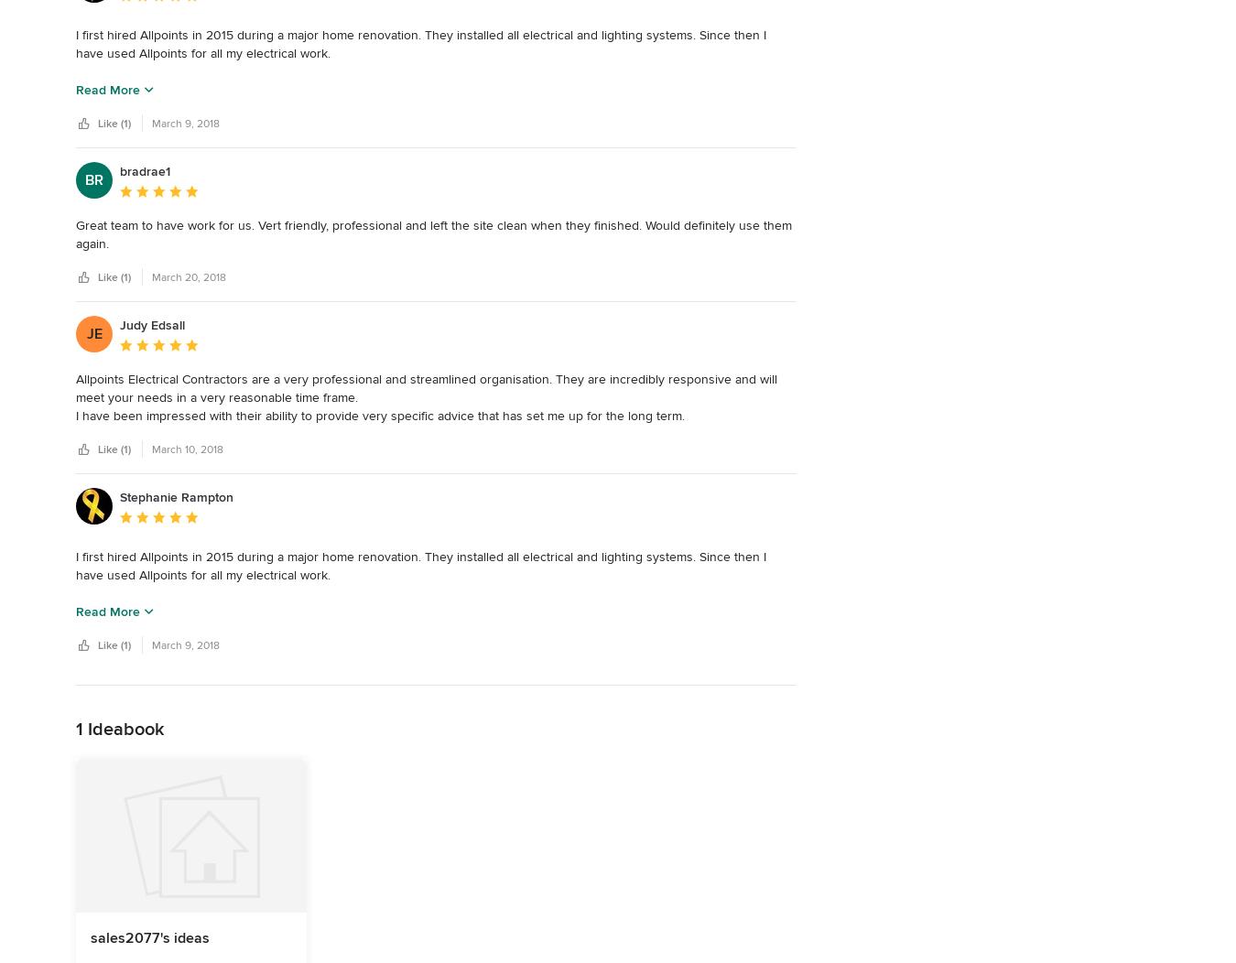  I want to click on 'sales2077's ideas', so click(150, 936).